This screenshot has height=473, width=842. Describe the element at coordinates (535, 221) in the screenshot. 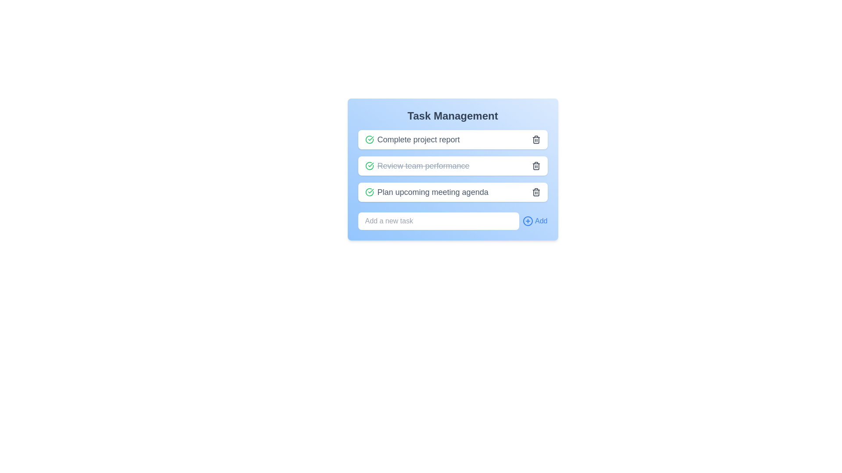

I see `the interactive button with a blue circular outline and a '+' symbol labeled 'Add' to observe its interactive styling` at that location.